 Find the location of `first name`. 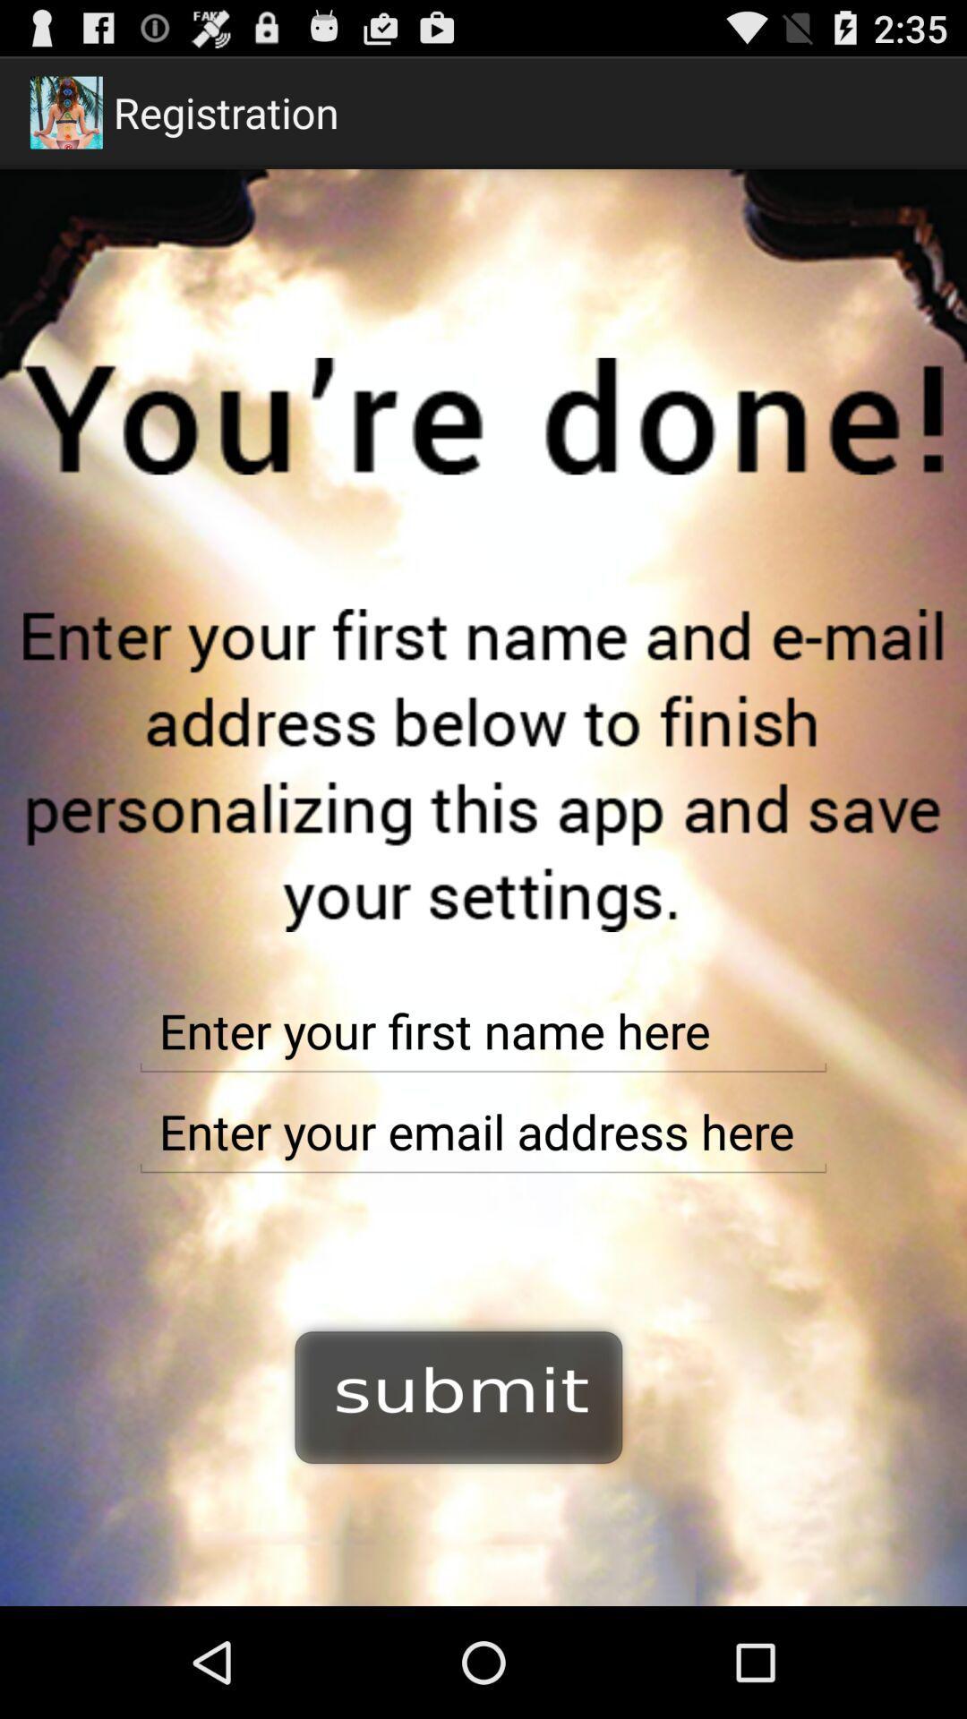

first name is located at coordinates (483, 1031).